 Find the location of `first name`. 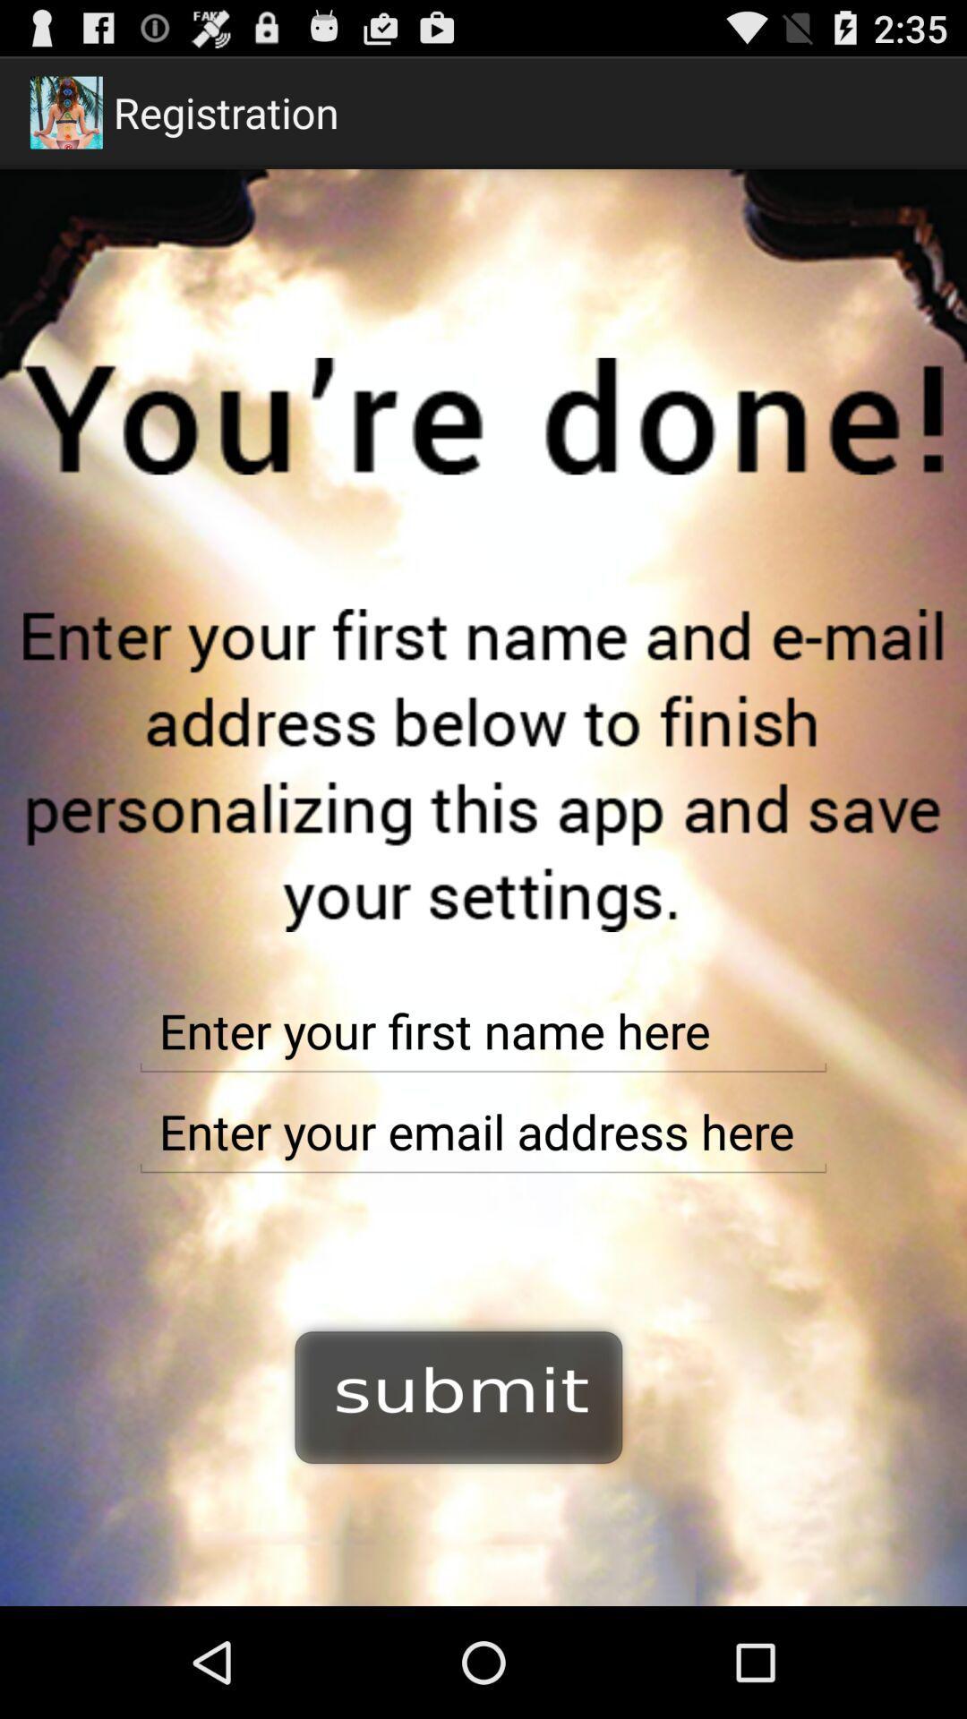

first name is located at coordinates (483, 1031).